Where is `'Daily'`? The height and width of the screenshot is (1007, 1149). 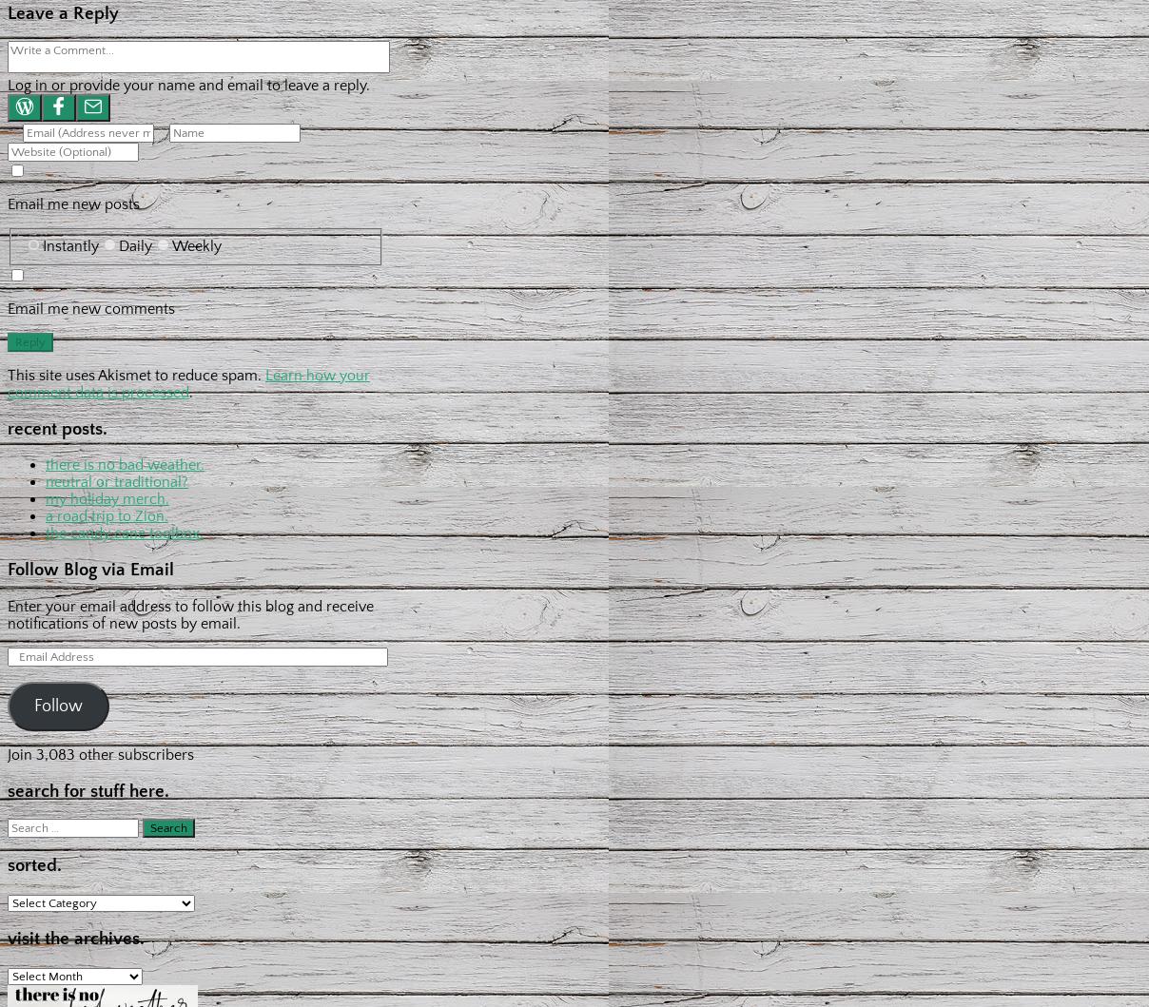 'Daily' is located at coordinates (134, 244).